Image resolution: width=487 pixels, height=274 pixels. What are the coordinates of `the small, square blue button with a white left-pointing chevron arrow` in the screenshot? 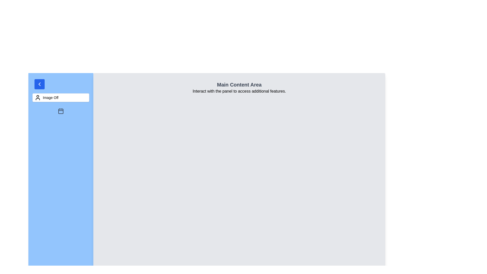 It's located at (39, 84).